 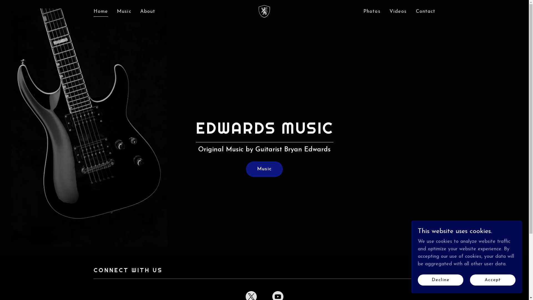 I want to click on 'Photos', so click(x=372, y=11).